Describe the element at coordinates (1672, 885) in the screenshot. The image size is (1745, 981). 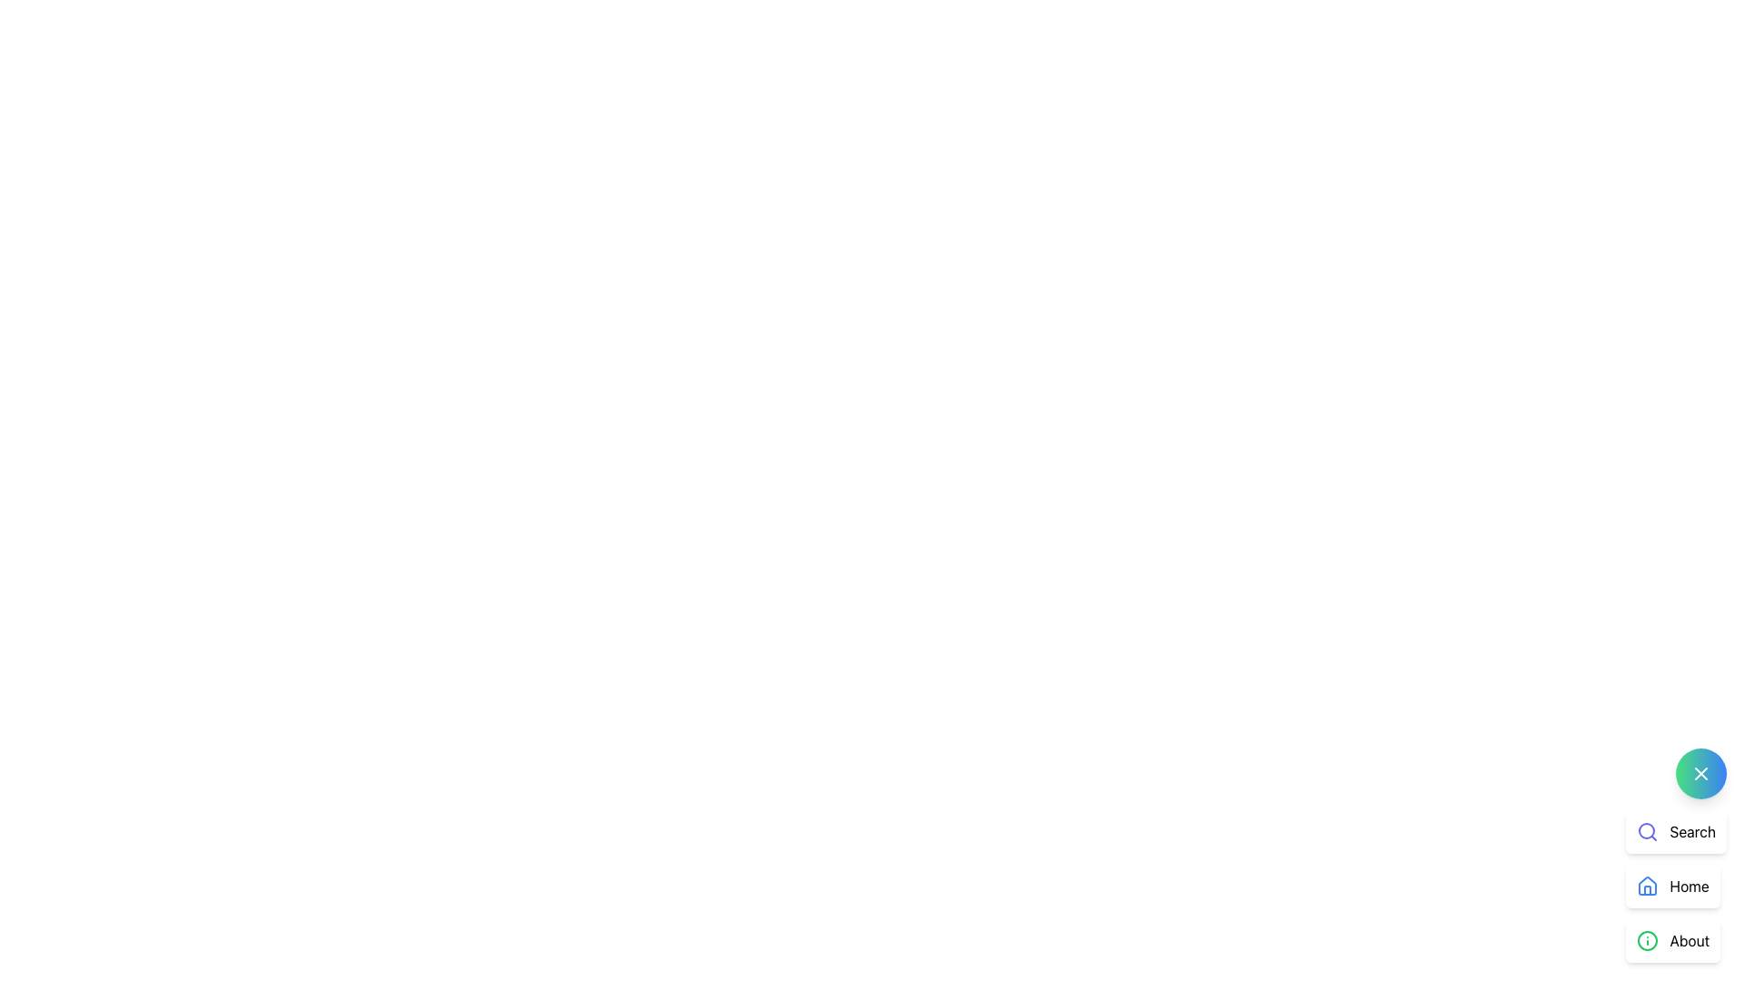
I see `the 'Home' navigation button, which is the second button in a vertical stack of three buttons located at the bottom-right corner of the interface, to trigger visual hover effects` at that location.